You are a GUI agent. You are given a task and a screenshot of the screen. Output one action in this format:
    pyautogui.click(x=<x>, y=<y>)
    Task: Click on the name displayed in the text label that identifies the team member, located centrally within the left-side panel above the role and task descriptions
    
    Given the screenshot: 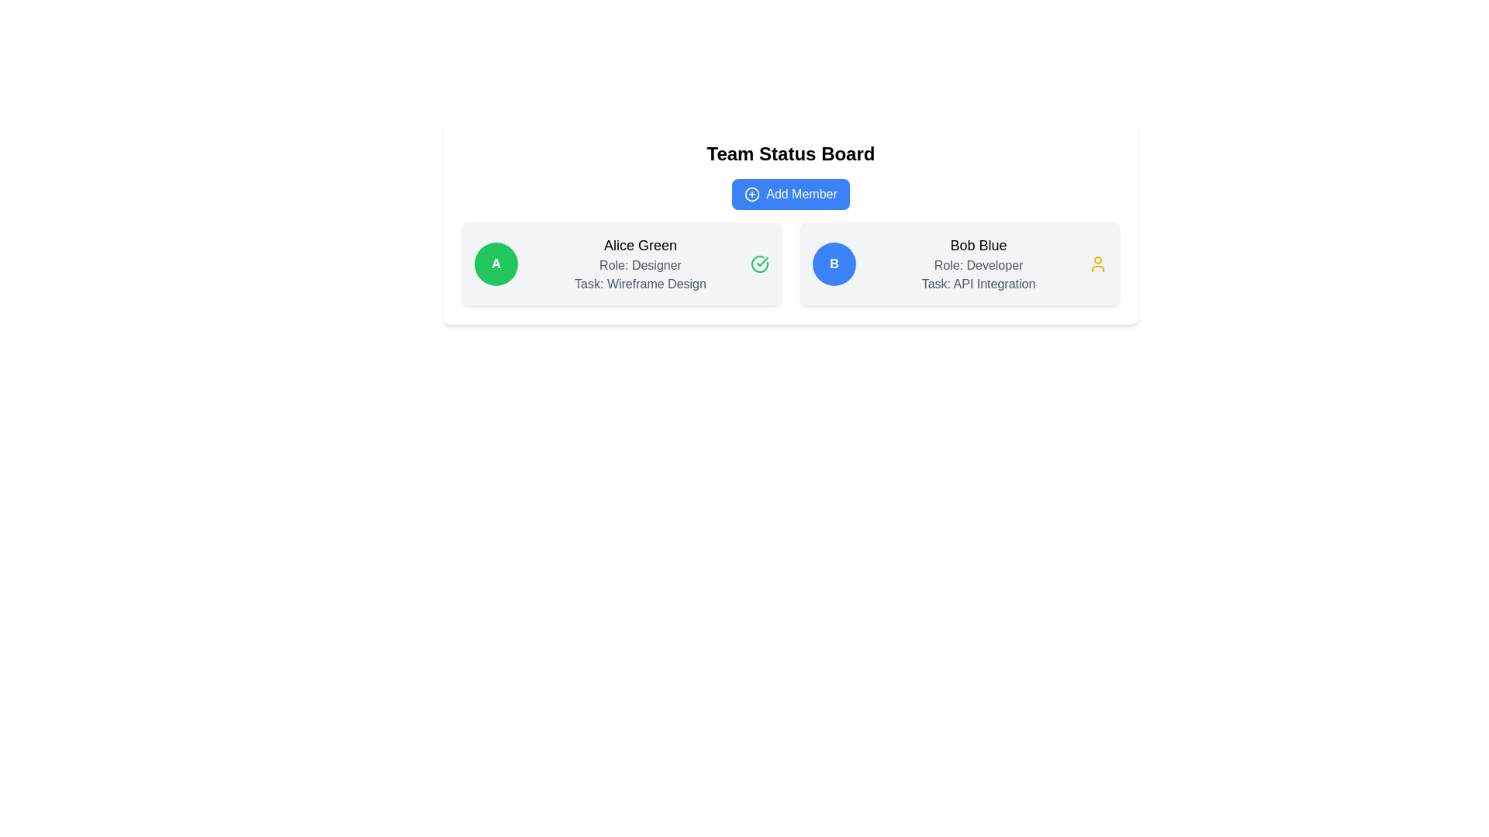 What is the action you would take?
    pyautogui.click(x=640, y=244)
    